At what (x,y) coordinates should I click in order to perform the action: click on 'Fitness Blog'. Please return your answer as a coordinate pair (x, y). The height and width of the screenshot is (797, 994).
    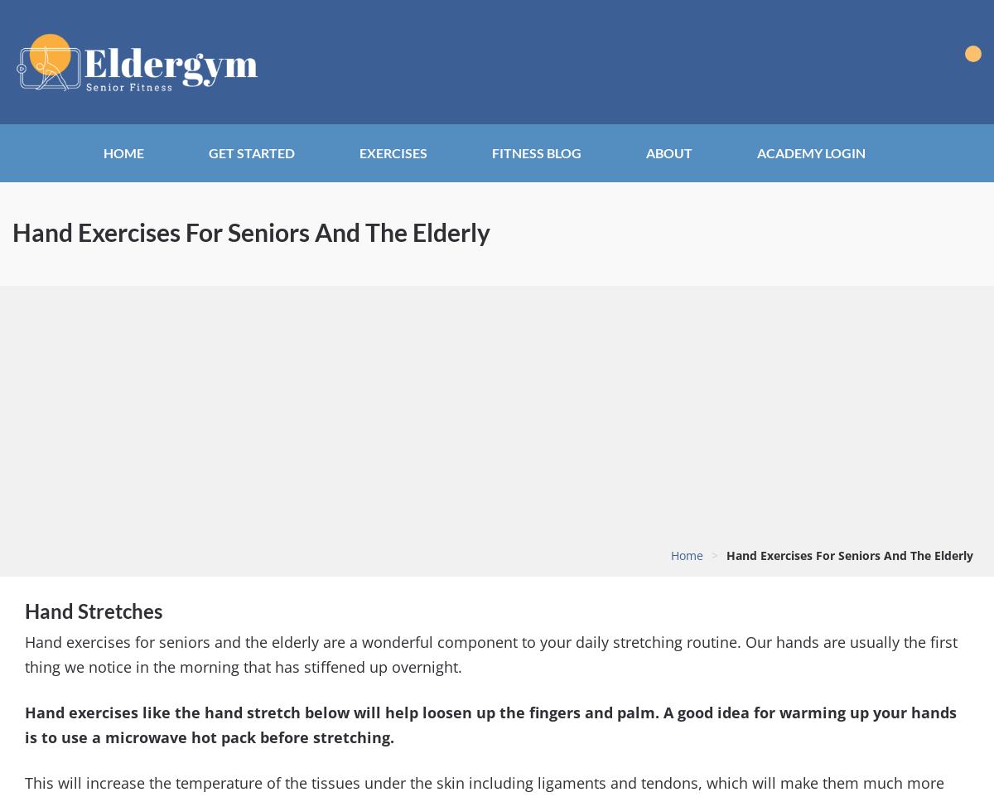
    Looking at the image, I should click on (537, 152).